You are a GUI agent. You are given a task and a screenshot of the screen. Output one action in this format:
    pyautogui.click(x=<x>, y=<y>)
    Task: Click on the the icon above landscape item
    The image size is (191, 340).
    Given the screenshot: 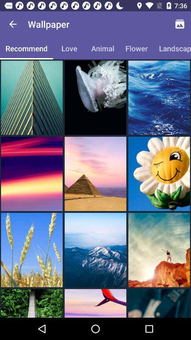 What is the action you would take?
    pyautogui.click(x=180, y=24)
    